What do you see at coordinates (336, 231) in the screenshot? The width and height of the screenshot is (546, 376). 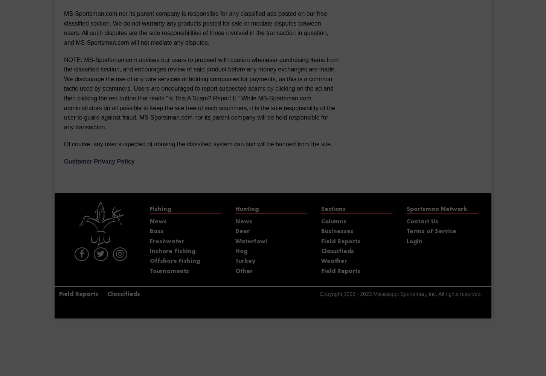 I see `'Businesses'` at bounding box center [336, 231].